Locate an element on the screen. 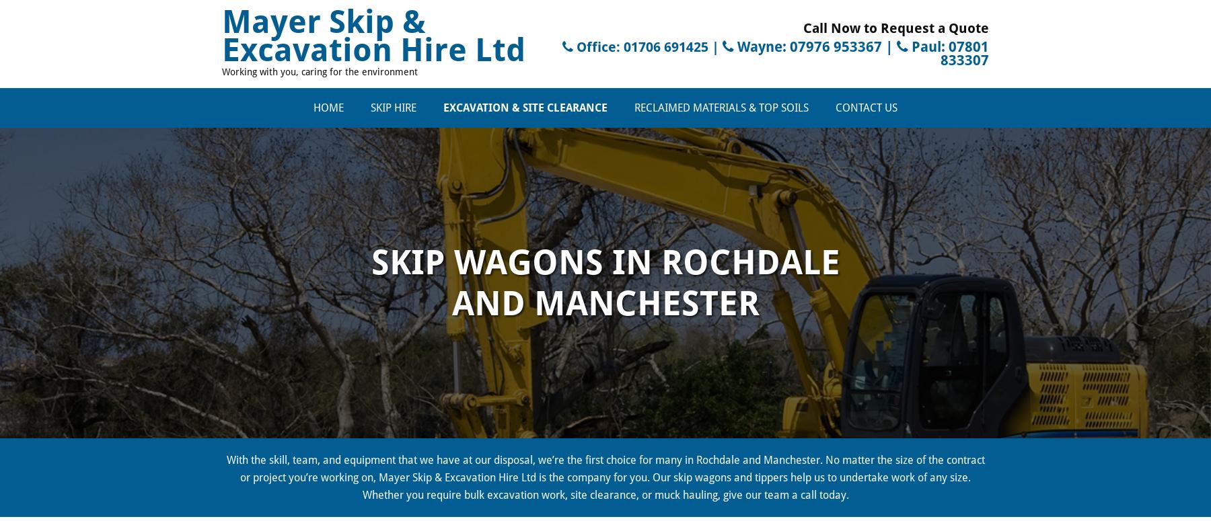  'Skip Hire' is located at coordinates (394, 106).